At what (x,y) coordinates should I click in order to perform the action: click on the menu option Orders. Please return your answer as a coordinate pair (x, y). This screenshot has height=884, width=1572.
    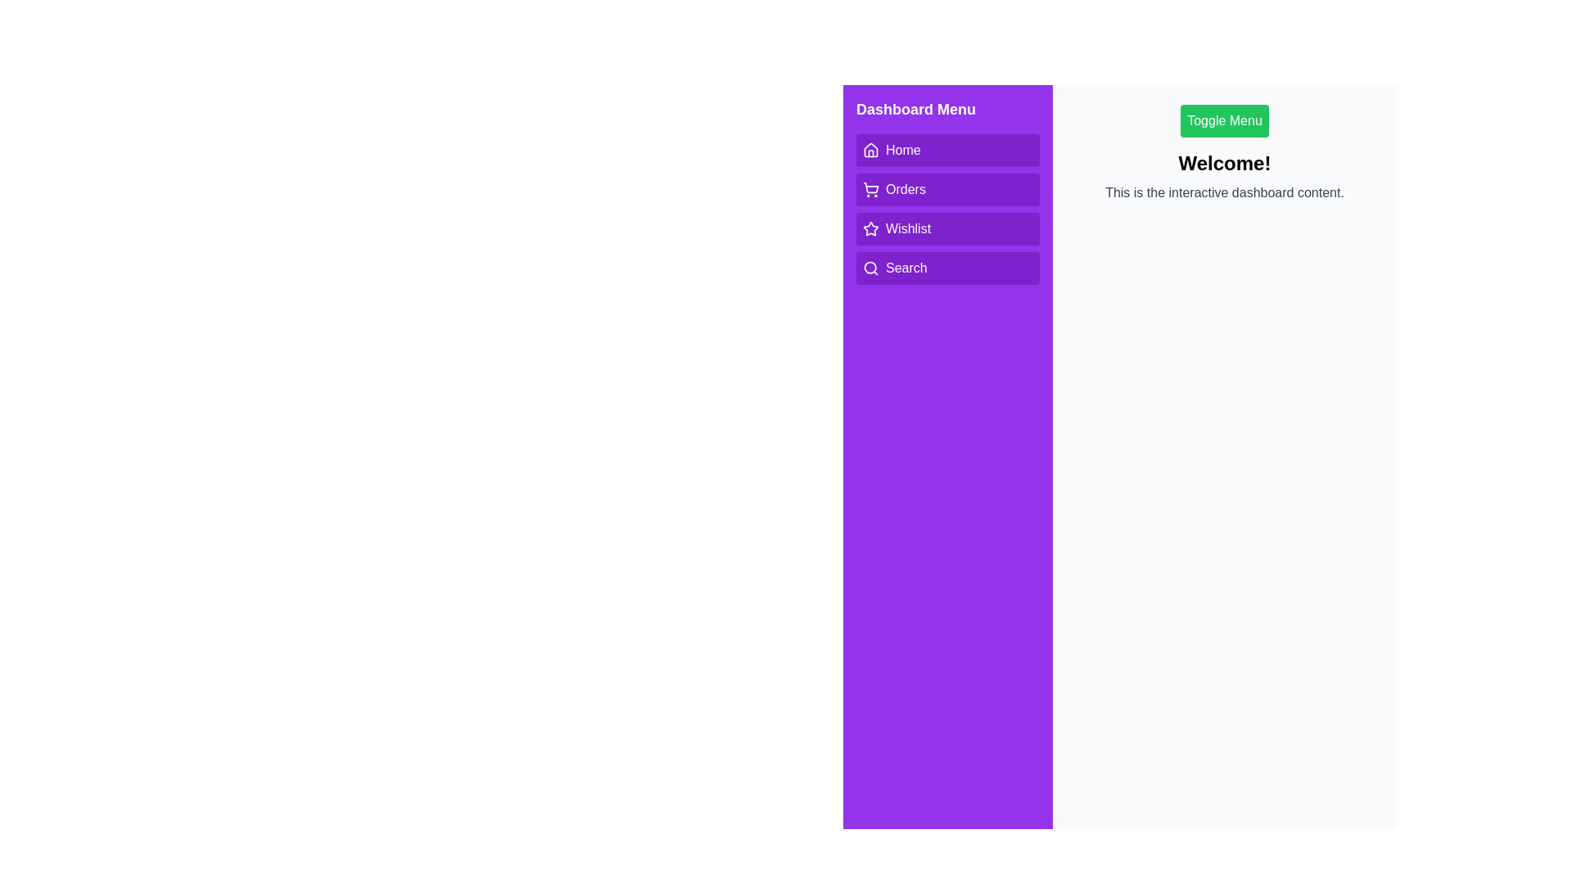
    Looking at the image, I should click on (947, 188).